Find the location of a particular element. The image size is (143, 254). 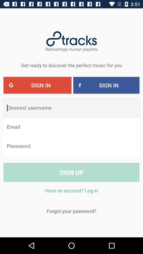

the item above the have an account item is located at coordinates (71, 172).